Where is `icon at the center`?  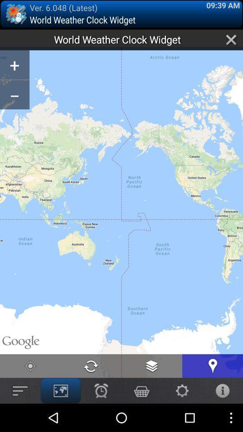
icon at the center is located at coordinates (121, 188).